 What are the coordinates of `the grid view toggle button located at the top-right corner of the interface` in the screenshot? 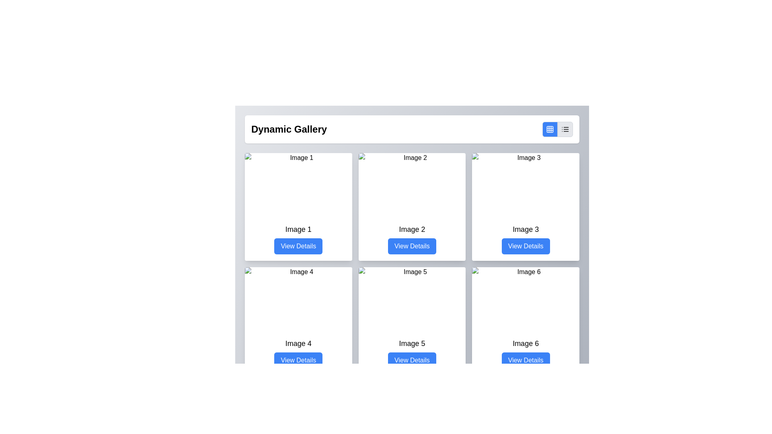 It's located at (550, 129).